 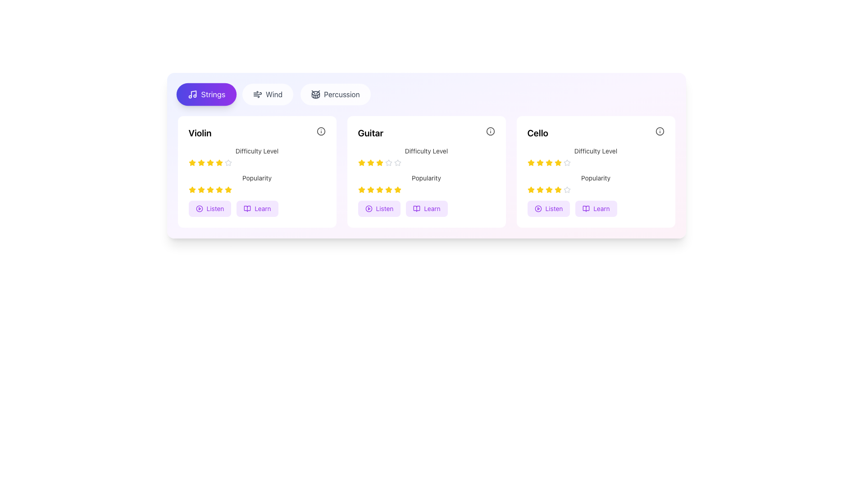 What do you see at coordinates (531, 189) in the screenshot?
I see `the first star icon in the five-star rating system under the 'Popularity' heading in the 'Cello' card` at bounding box center [531, 189].